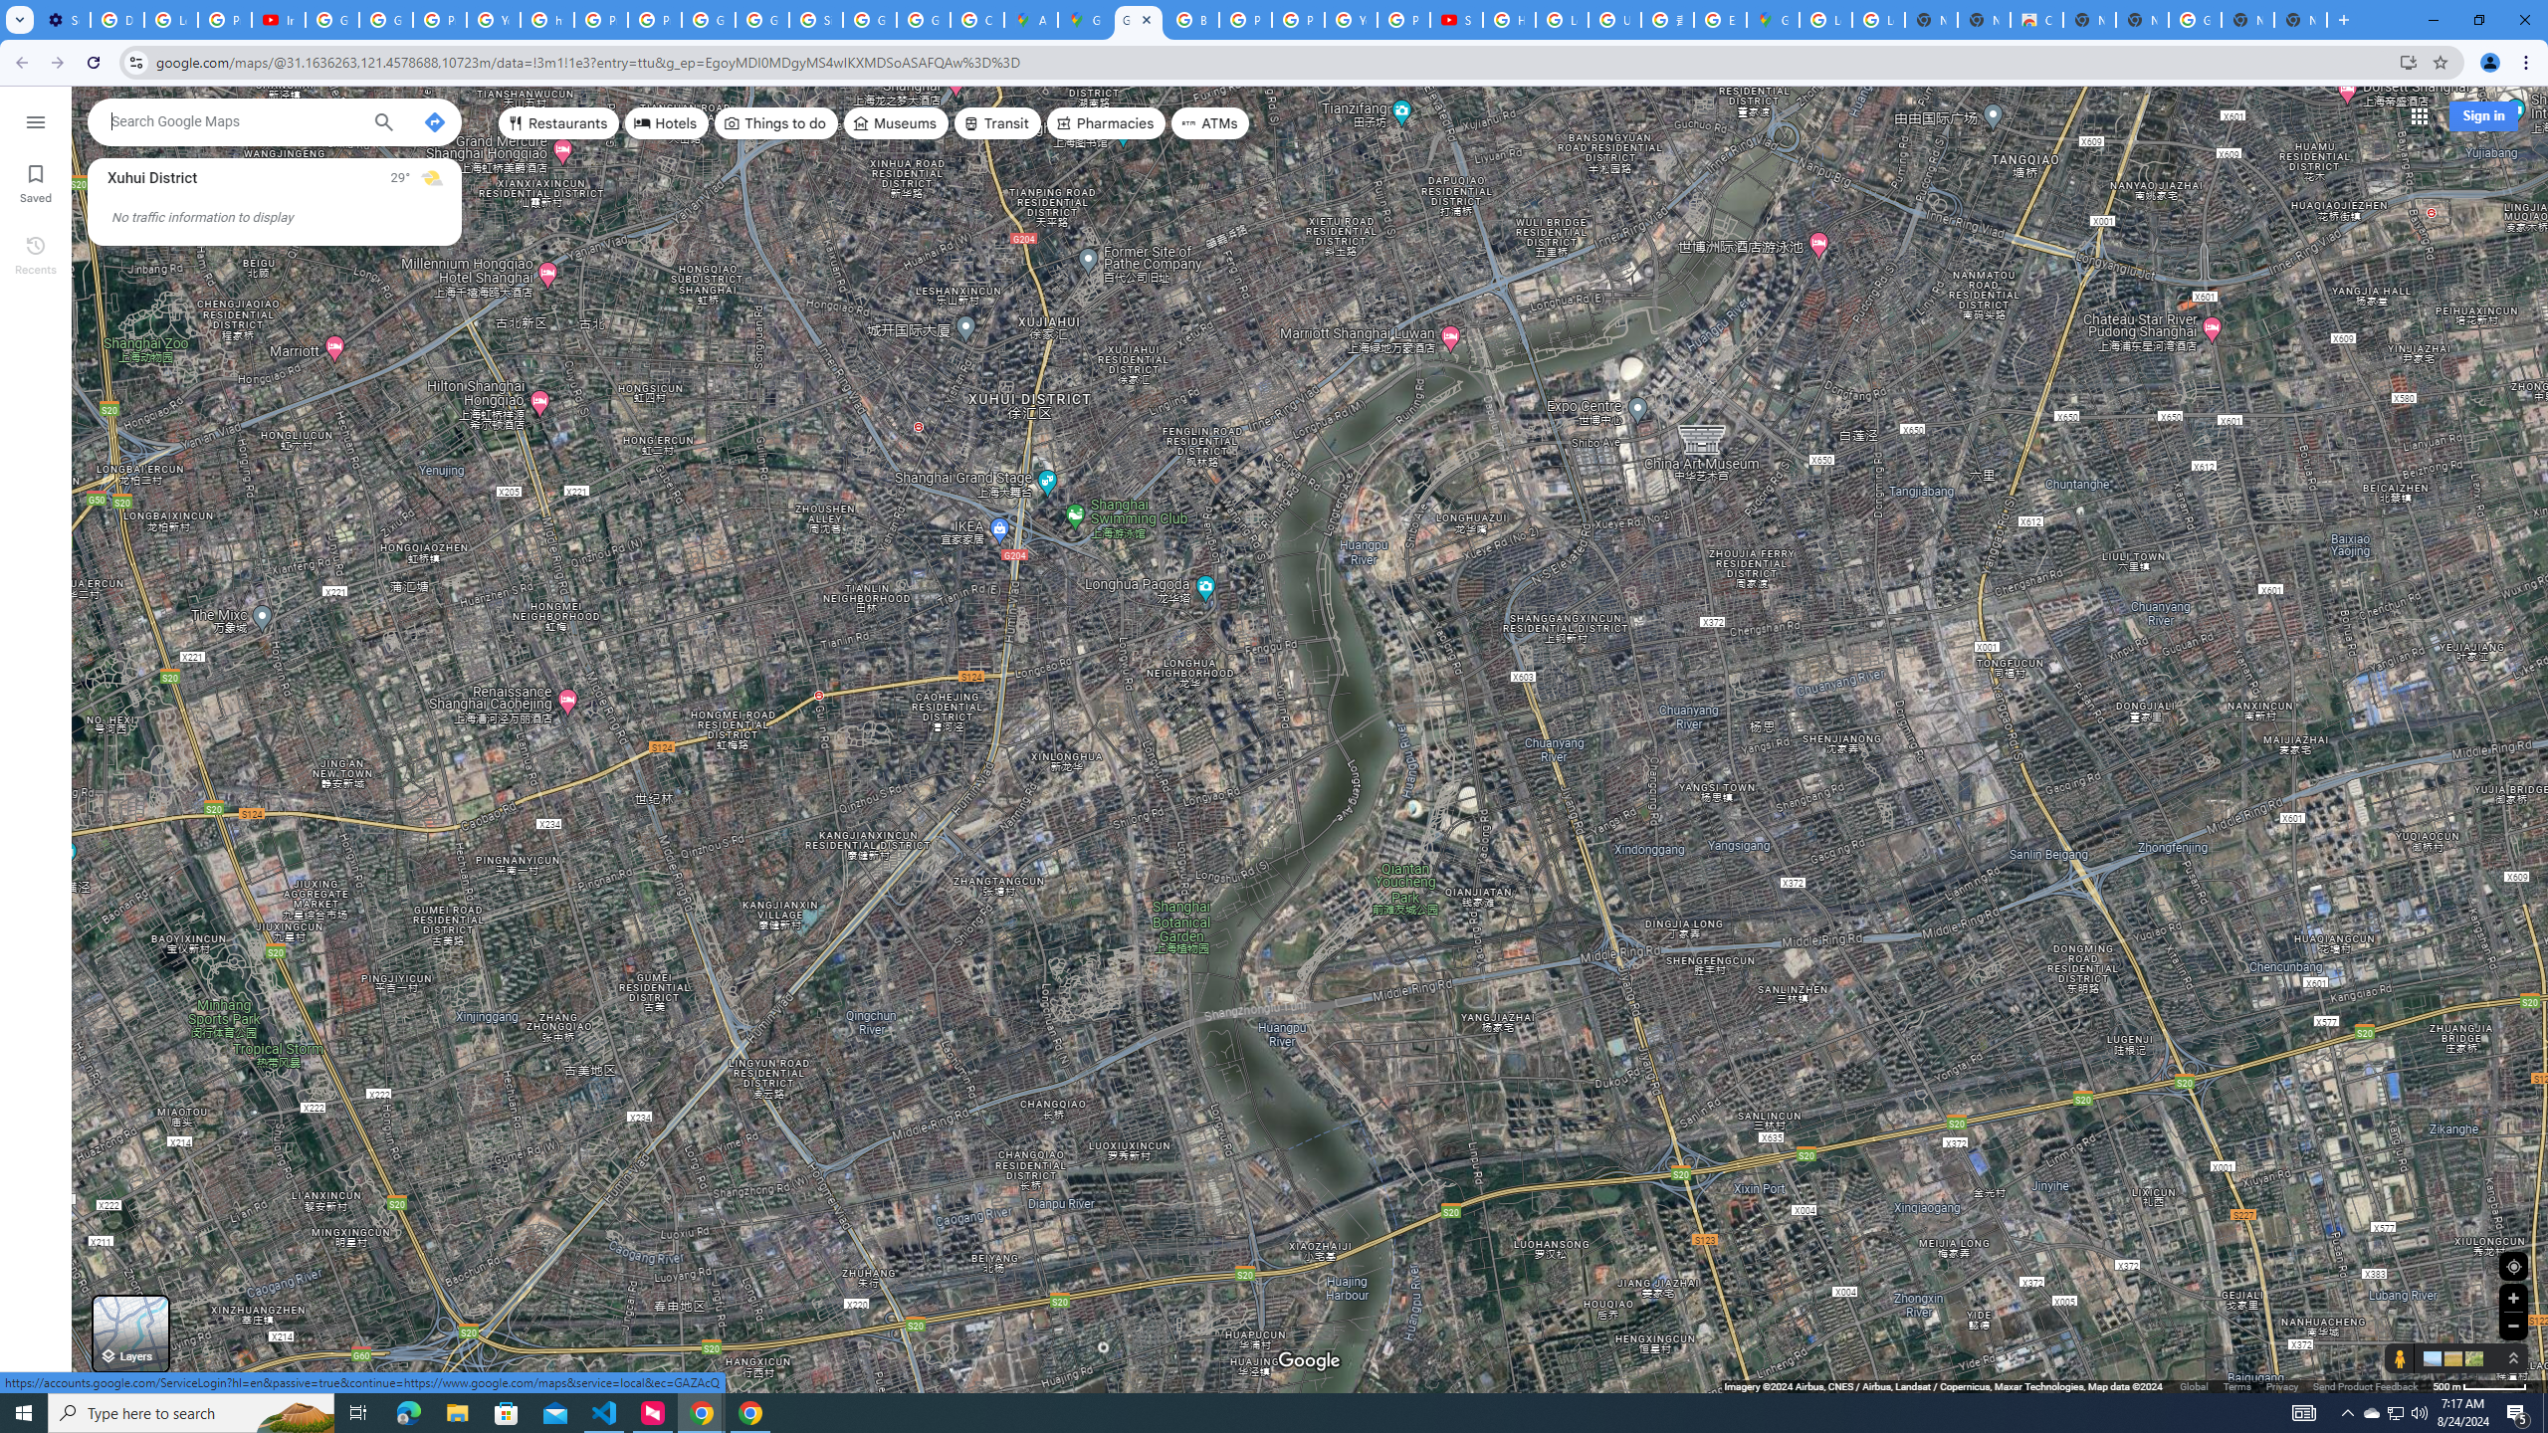 The image size is (2548, 1433). I want to click on 'Museums', so click(894, 121).